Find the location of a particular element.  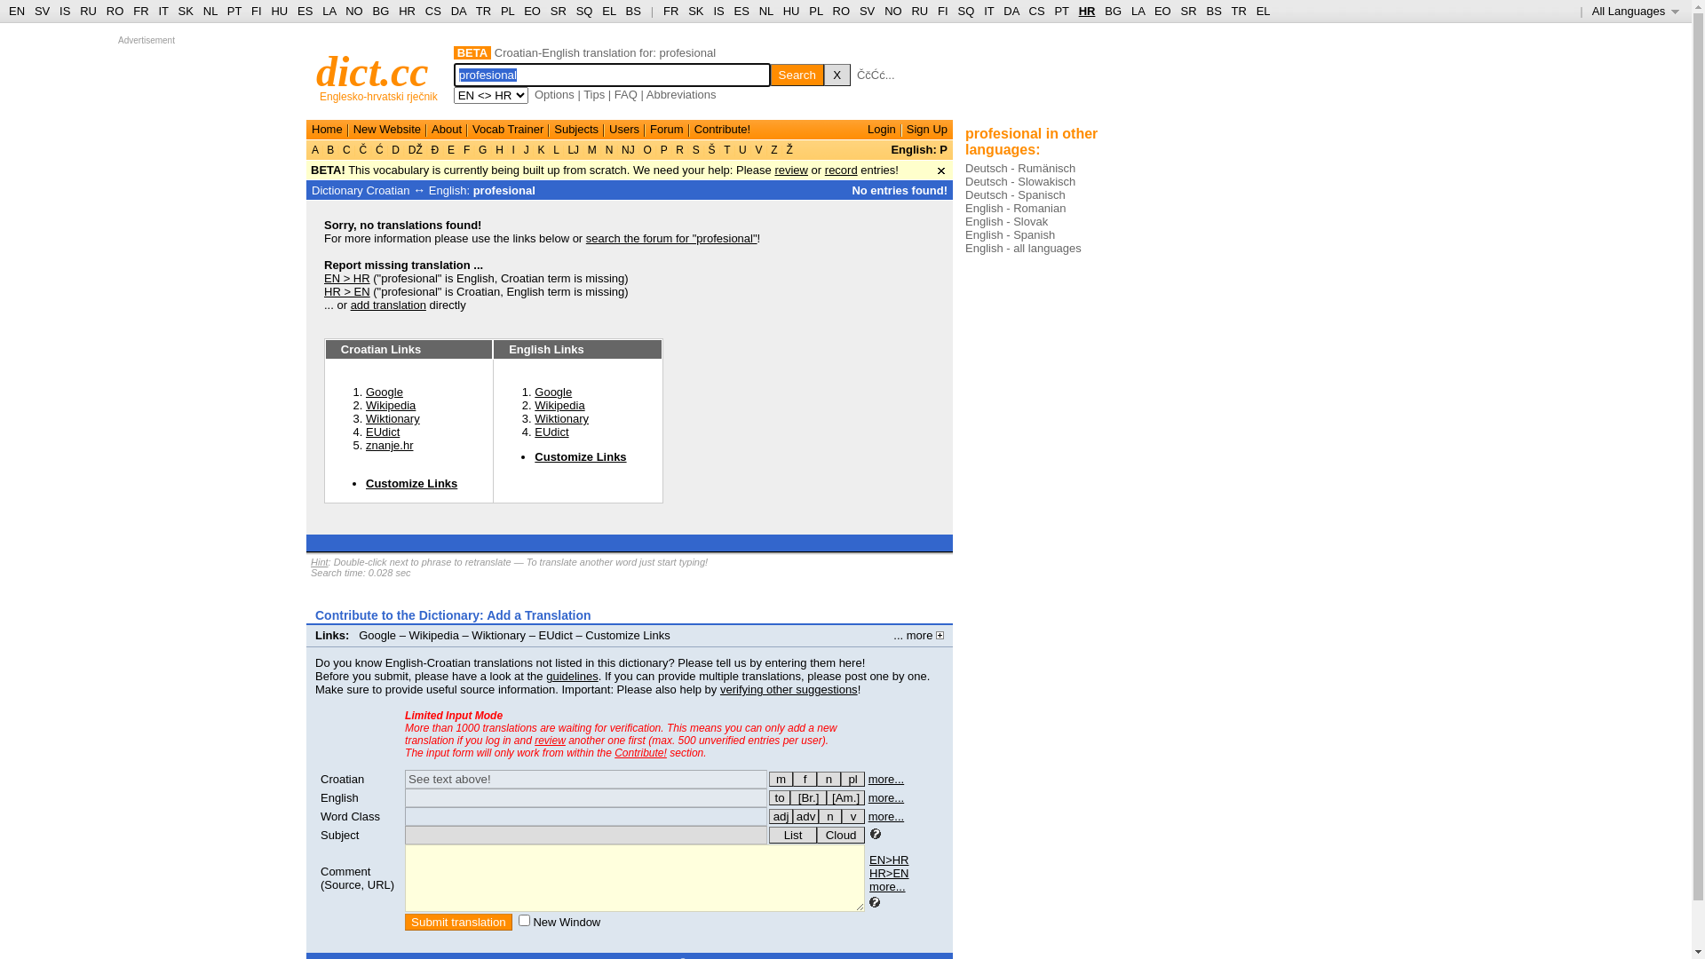

'FR' is located at coordinates (670, 11).